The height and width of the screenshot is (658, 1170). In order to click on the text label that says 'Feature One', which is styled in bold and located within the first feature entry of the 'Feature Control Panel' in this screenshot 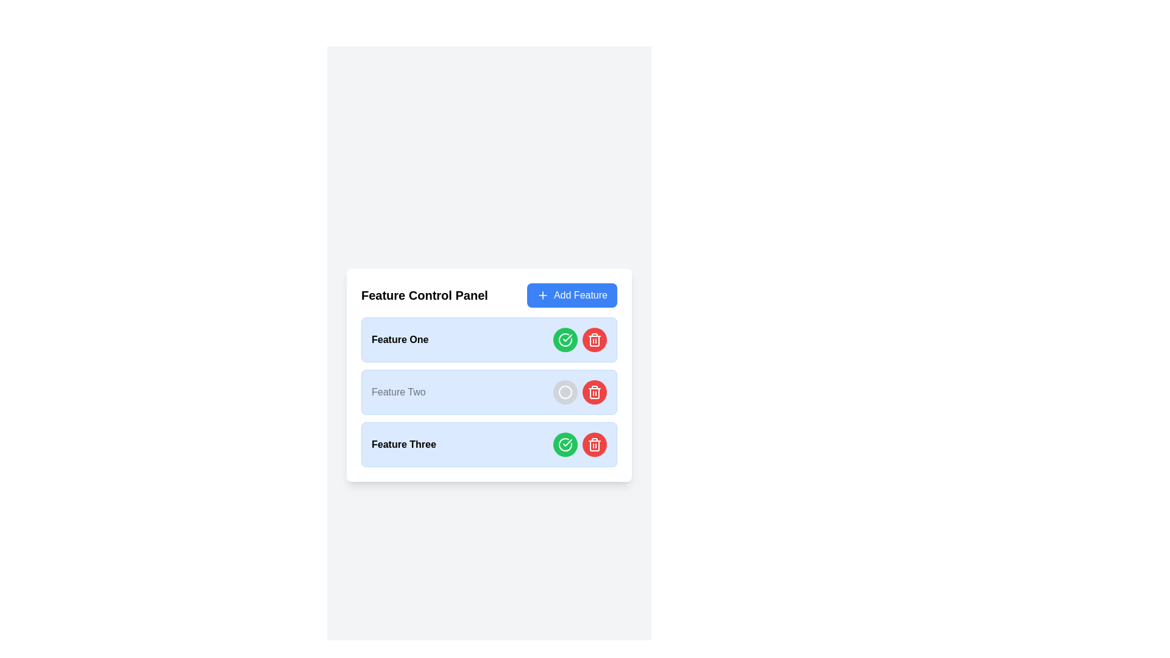, I will do `click(400, 340)`.